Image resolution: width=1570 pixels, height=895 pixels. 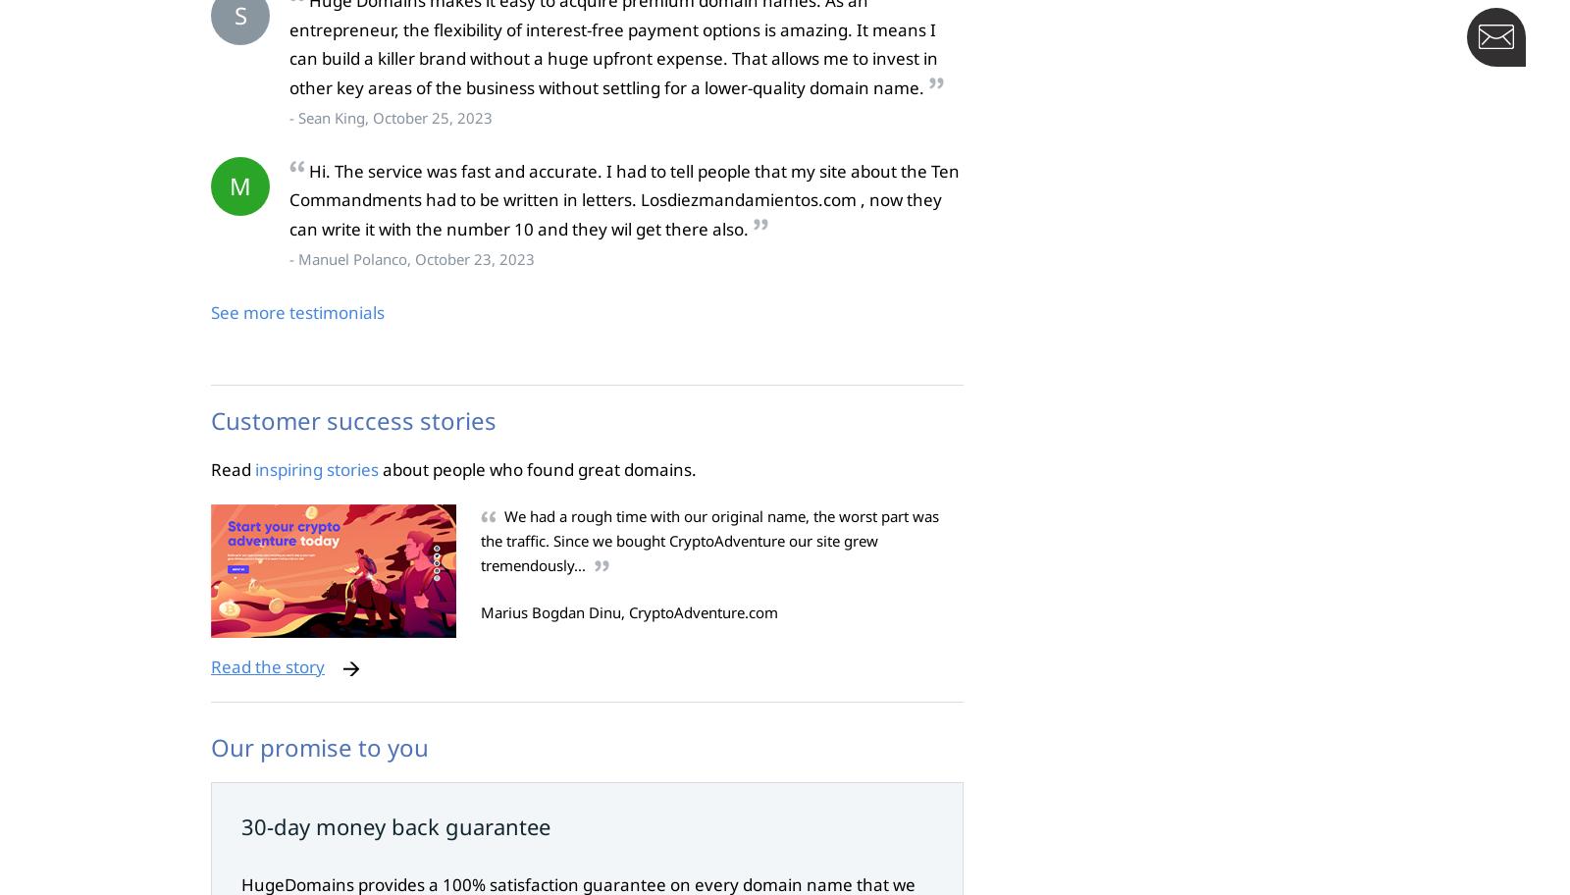 I want to click on '30-day money back guarantee', so click(x=394, y=825).